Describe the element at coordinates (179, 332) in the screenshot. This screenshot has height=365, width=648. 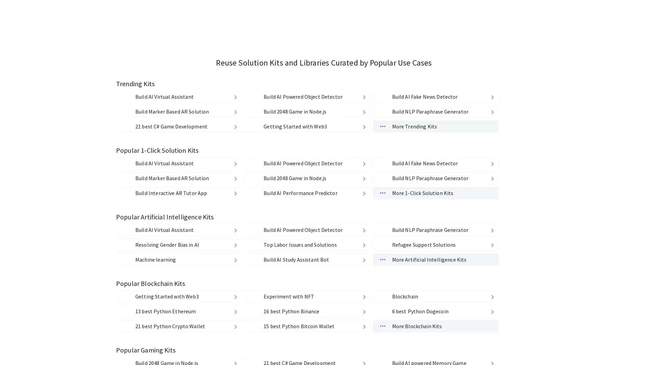
I see `virtual-agent-example-kit Build AI Virtual Assistant` at that location.